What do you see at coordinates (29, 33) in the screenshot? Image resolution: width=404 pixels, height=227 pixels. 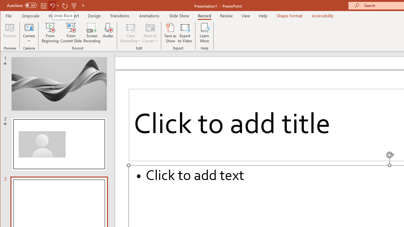 I see `'Cameo'` at bounding box center [29, 33].